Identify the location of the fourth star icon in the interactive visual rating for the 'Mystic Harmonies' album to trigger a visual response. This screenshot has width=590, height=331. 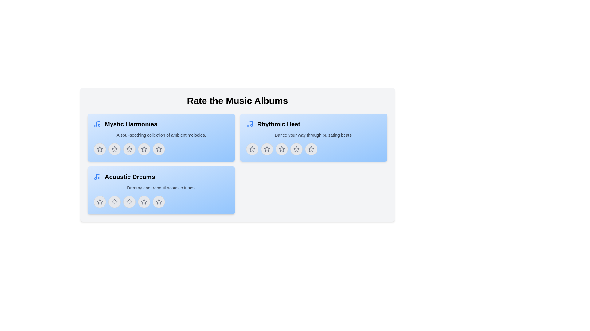
(159, 149).